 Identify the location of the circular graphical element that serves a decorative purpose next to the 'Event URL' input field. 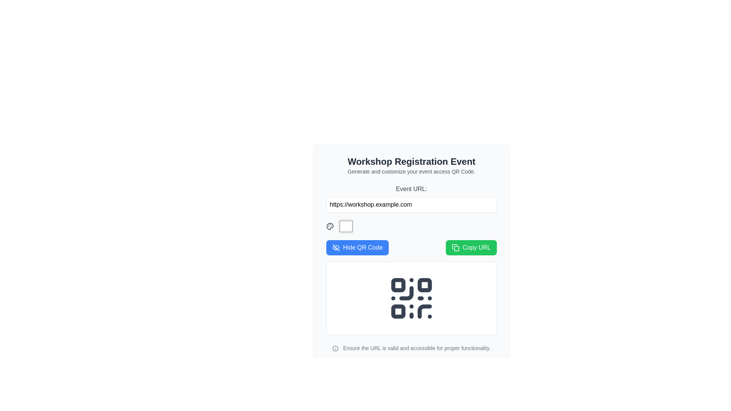
(335, 349).